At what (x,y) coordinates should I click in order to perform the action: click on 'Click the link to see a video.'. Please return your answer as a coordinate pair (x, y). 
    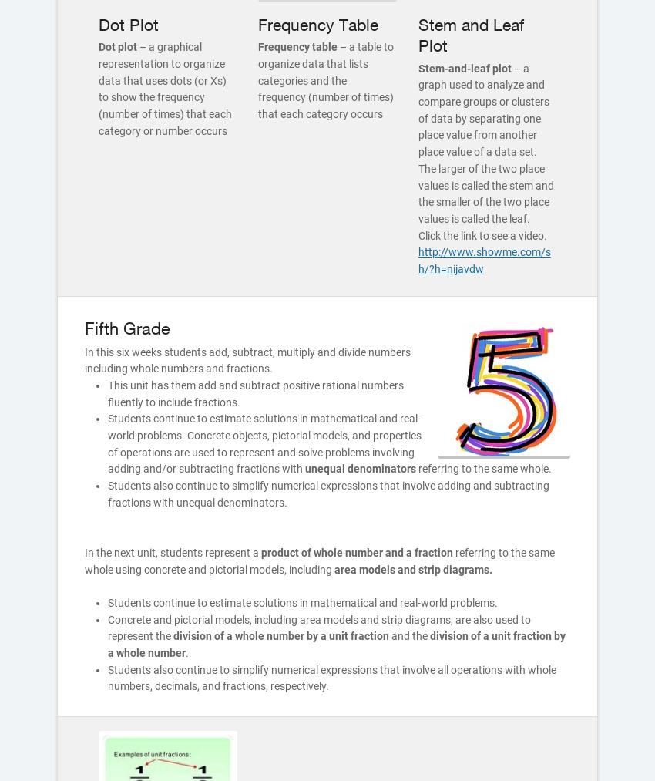
    Looking at the image, I should click on (481, 235).